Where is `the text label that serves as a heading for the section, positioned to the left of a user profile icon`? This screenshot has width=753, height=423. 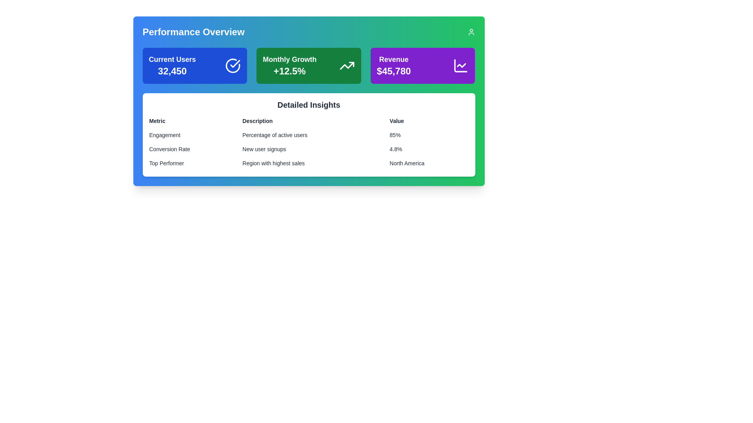
the text label that serves as a heading for the section, positioned to the left of a user profile icon is located at coordinates (193, 31).